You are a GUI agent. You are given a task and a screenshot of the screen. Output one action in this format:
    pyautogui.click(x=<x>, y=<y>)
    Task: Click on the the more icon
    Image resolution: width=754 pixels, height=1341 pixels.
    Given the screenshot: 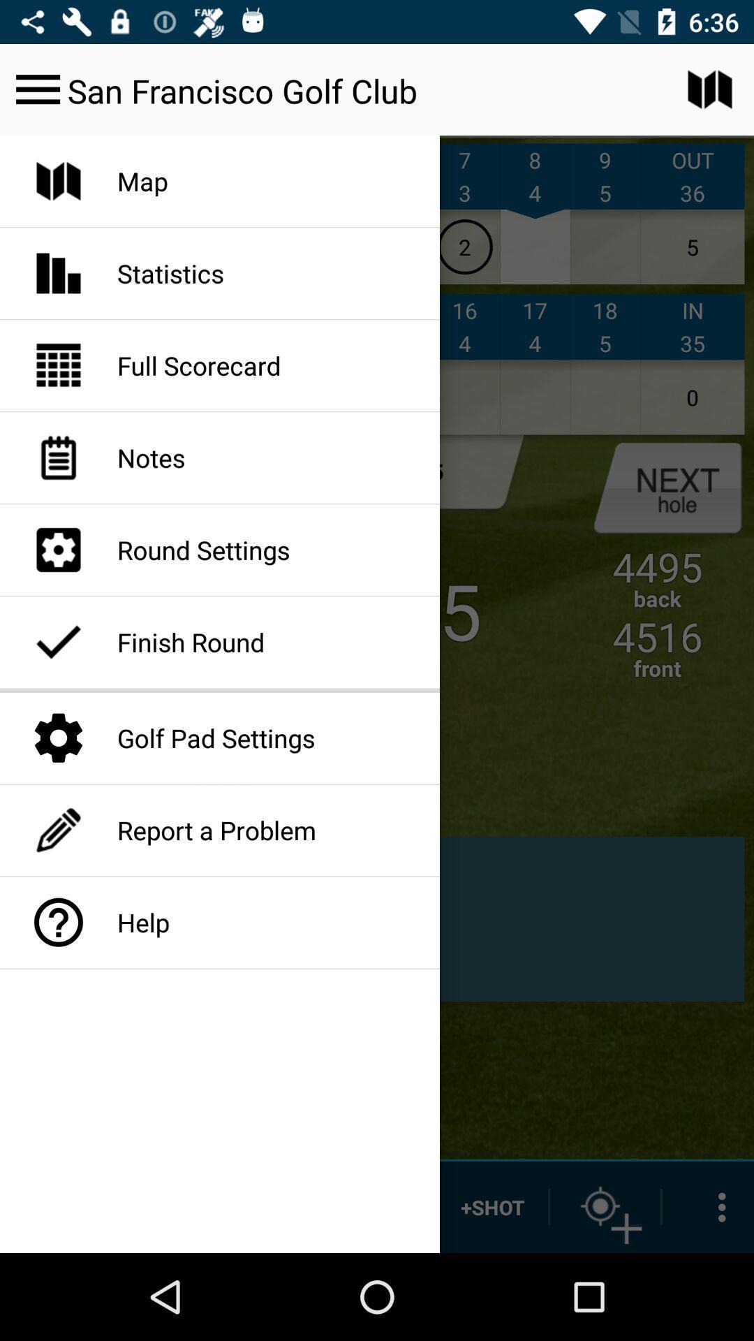 What is the action you would take?
    pyautogui.click(x=708, y=1206)
    